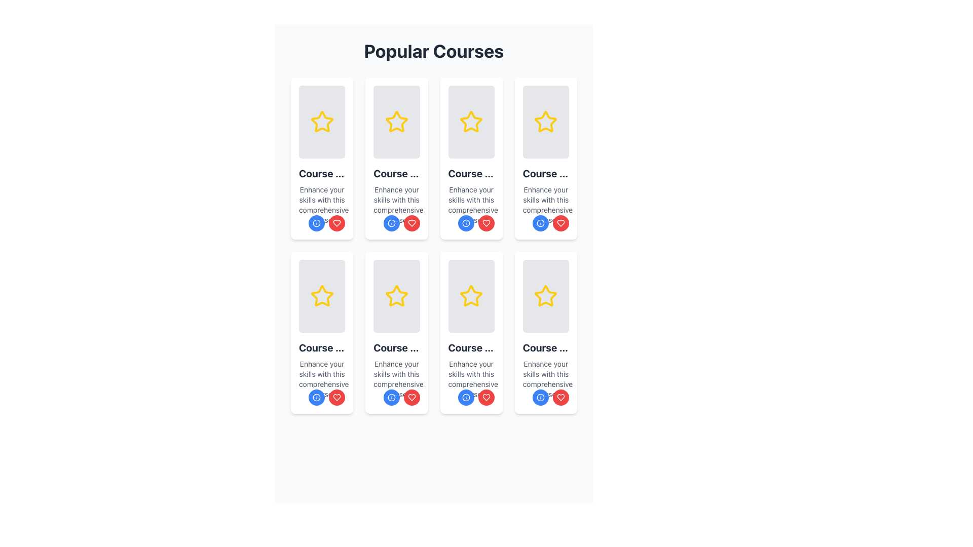 The image size is (973, 547). Describe the element at coordinates (391, 222) in the screenshot. I see `the circular blue button with an 'info' icon located at the bottom-right corner of the card` at that location.